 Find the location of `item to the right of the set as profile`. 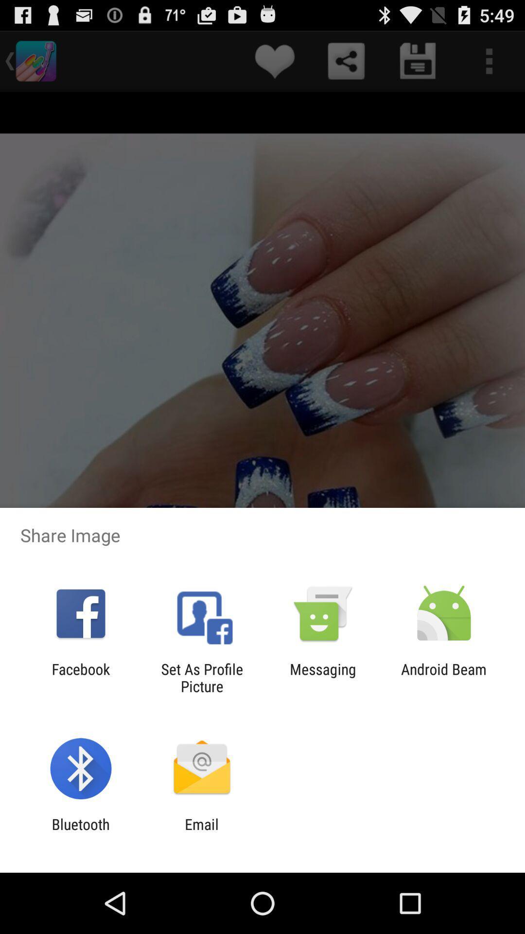

item to the right of the set as profile is located at coordinates (323, 677).